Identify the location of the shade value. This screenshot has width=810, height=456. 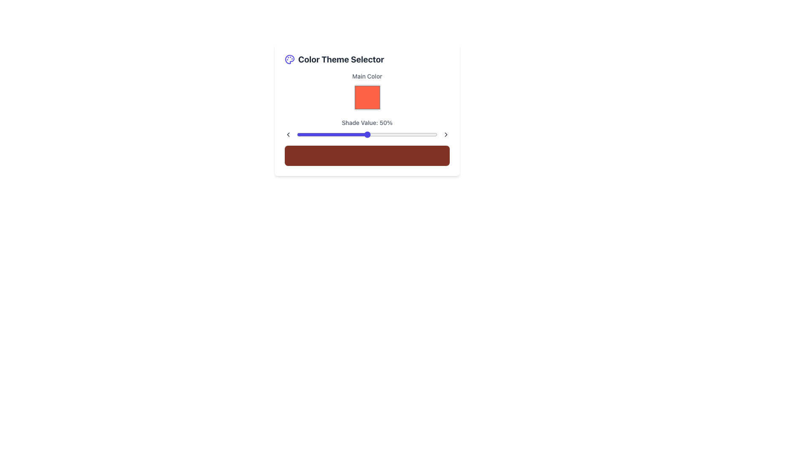
(340, 134).